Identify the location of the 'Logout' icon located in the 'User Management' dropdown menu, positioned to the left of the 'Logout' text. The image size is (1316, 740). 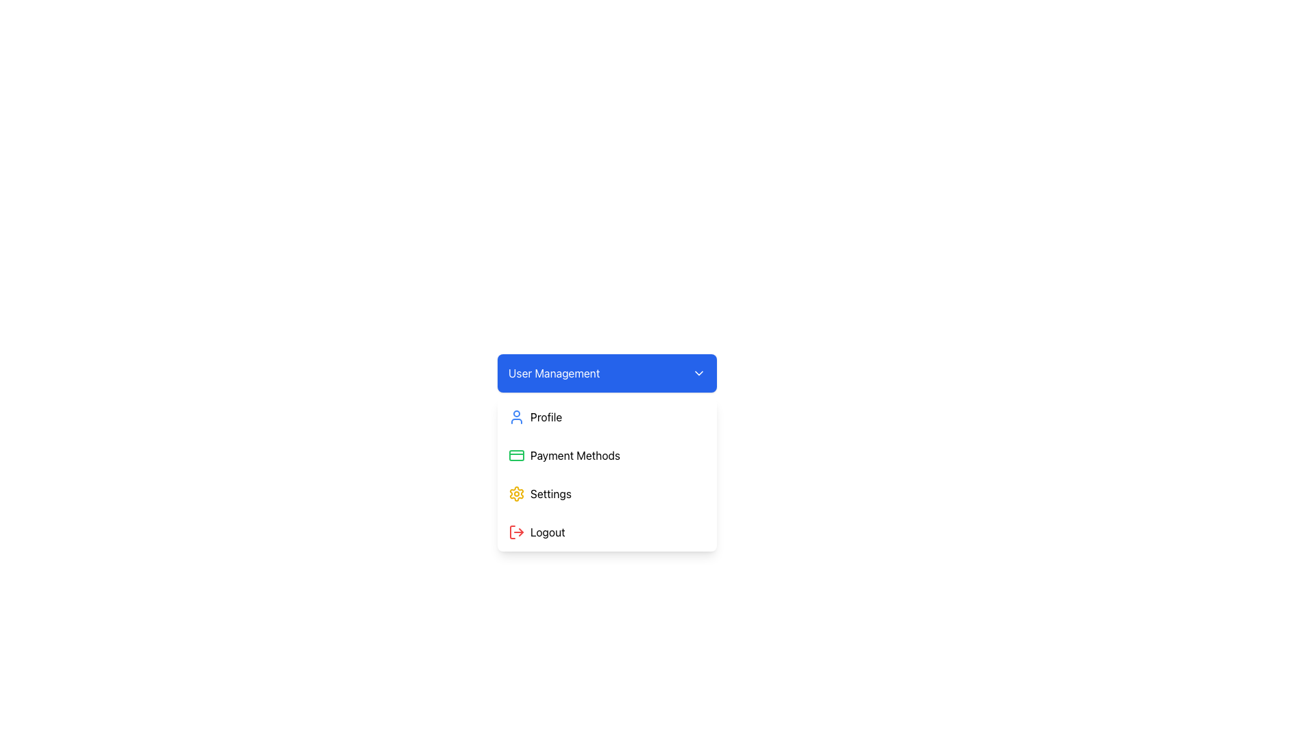
(515, 531).